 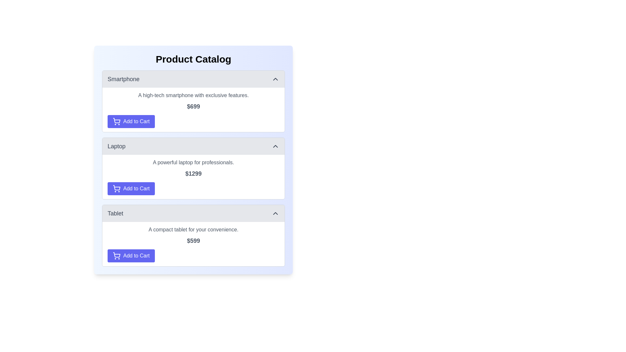 What do you see at coordinates (193, 213) in the screenshot?
I see `the gray rectangular button labeled 'Tablet' located in the third item of the vertical product list` at bounding box center [193, 213].